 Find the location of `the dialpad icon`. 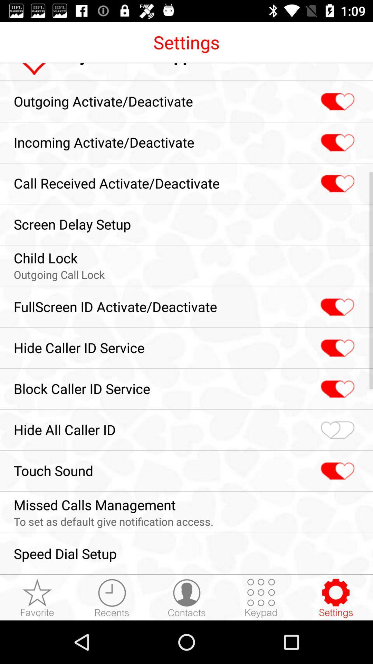

the dialpad icon is located at coordinates (261, 598).